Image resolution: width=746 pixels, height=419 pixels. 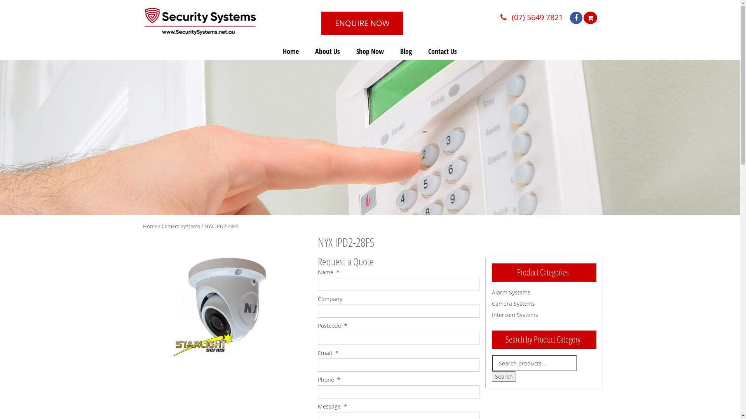 I want to click on 'Alarm Systems', so click(x=511, y=292).